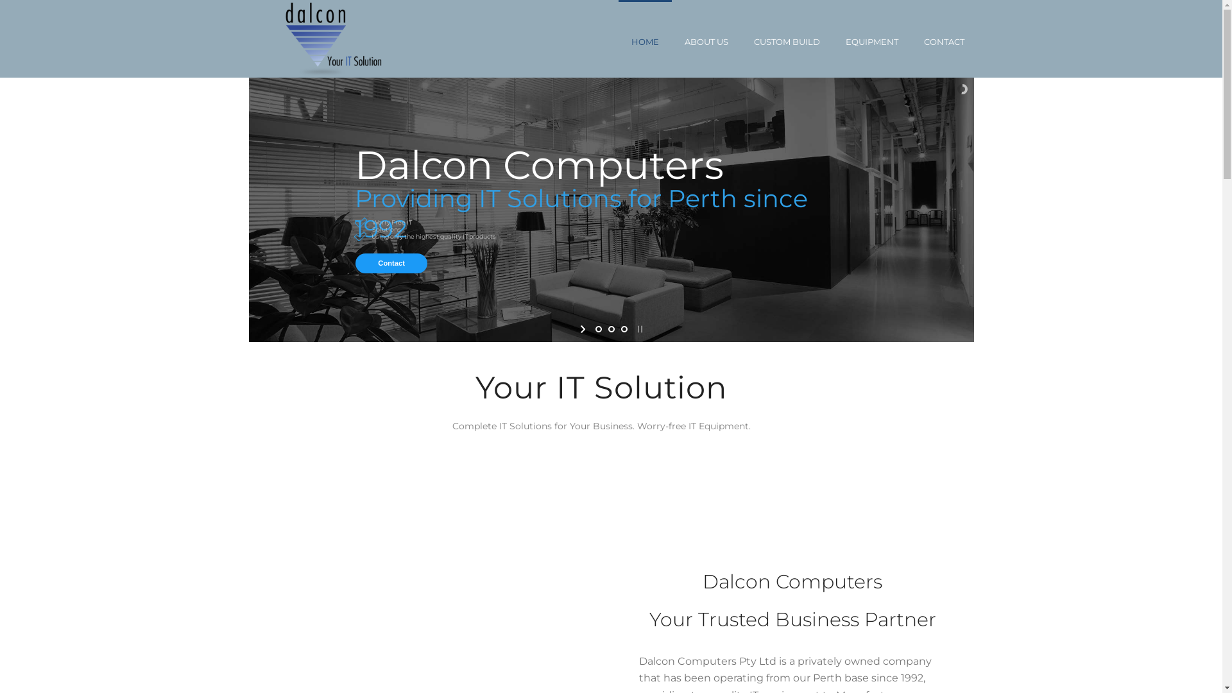 Image resolution: width=1232 pixels, height=693 pixels. Describe the element at coordinates (335, 38) in the screenshot. I see `'Dalcon Computers'` at that location.